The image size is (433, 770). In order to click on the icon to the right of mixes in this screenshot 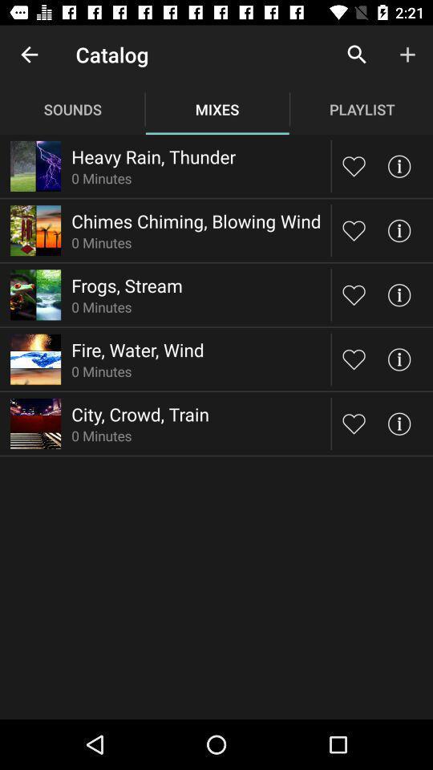, I will do `click(357, 55)`.